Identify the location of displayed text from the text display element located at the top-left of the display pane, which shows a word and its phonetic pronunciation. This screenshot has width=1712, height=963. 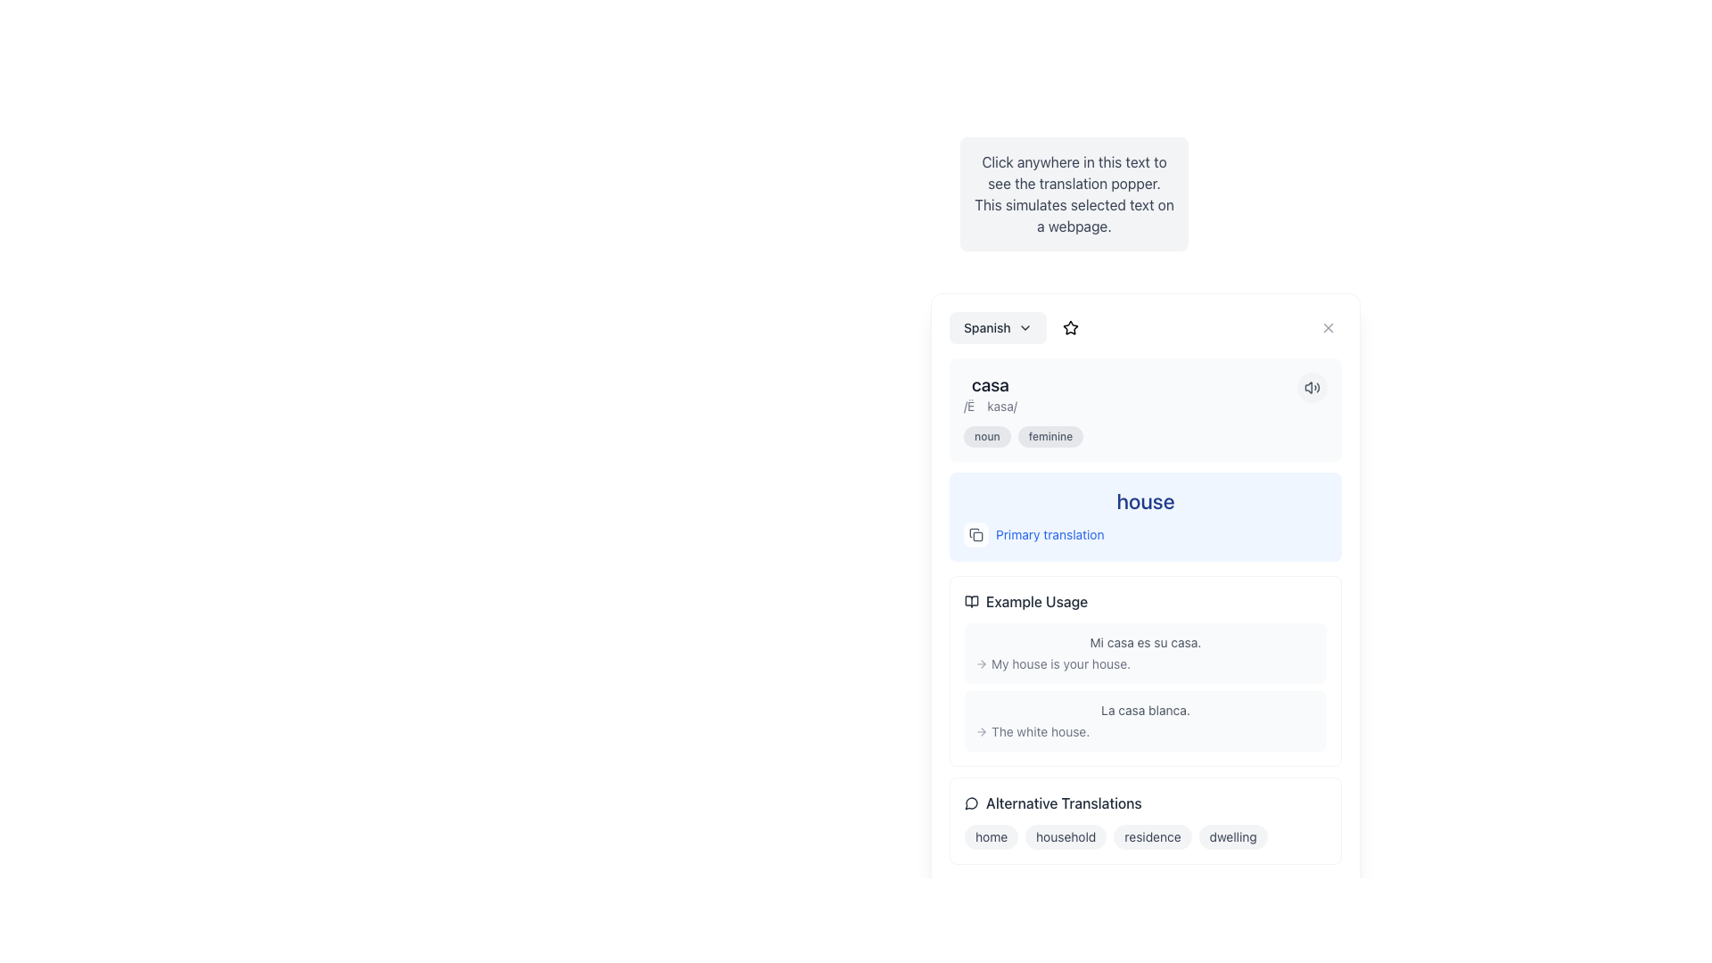
(989, 393).